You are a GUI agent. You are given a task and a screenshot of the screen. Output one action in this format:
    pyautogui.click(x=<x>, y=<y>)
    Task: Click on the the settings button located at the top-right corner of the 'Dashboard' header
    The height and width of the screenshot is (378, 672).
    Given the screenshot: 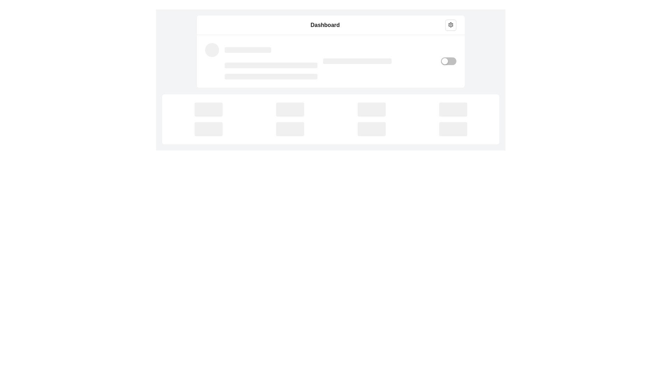 What is the action you would take?
    pyautogui.click(x=450, y=24)
    